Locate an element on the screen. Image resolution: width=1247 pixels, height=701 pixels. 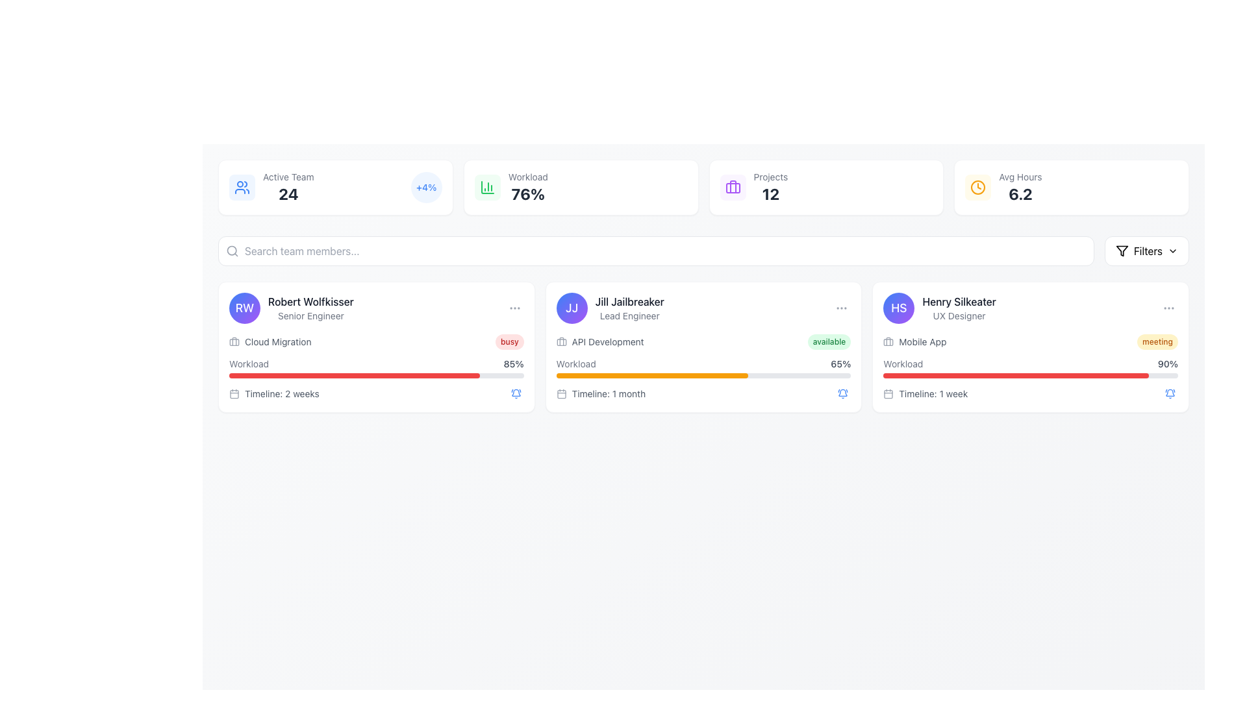
the small gray briefcase icon with rounded edges, located to the immediate left of the 'Mobile App' text in the third card for 'Henry Silkeater' UX Designer is located at coordinates (888, 341).